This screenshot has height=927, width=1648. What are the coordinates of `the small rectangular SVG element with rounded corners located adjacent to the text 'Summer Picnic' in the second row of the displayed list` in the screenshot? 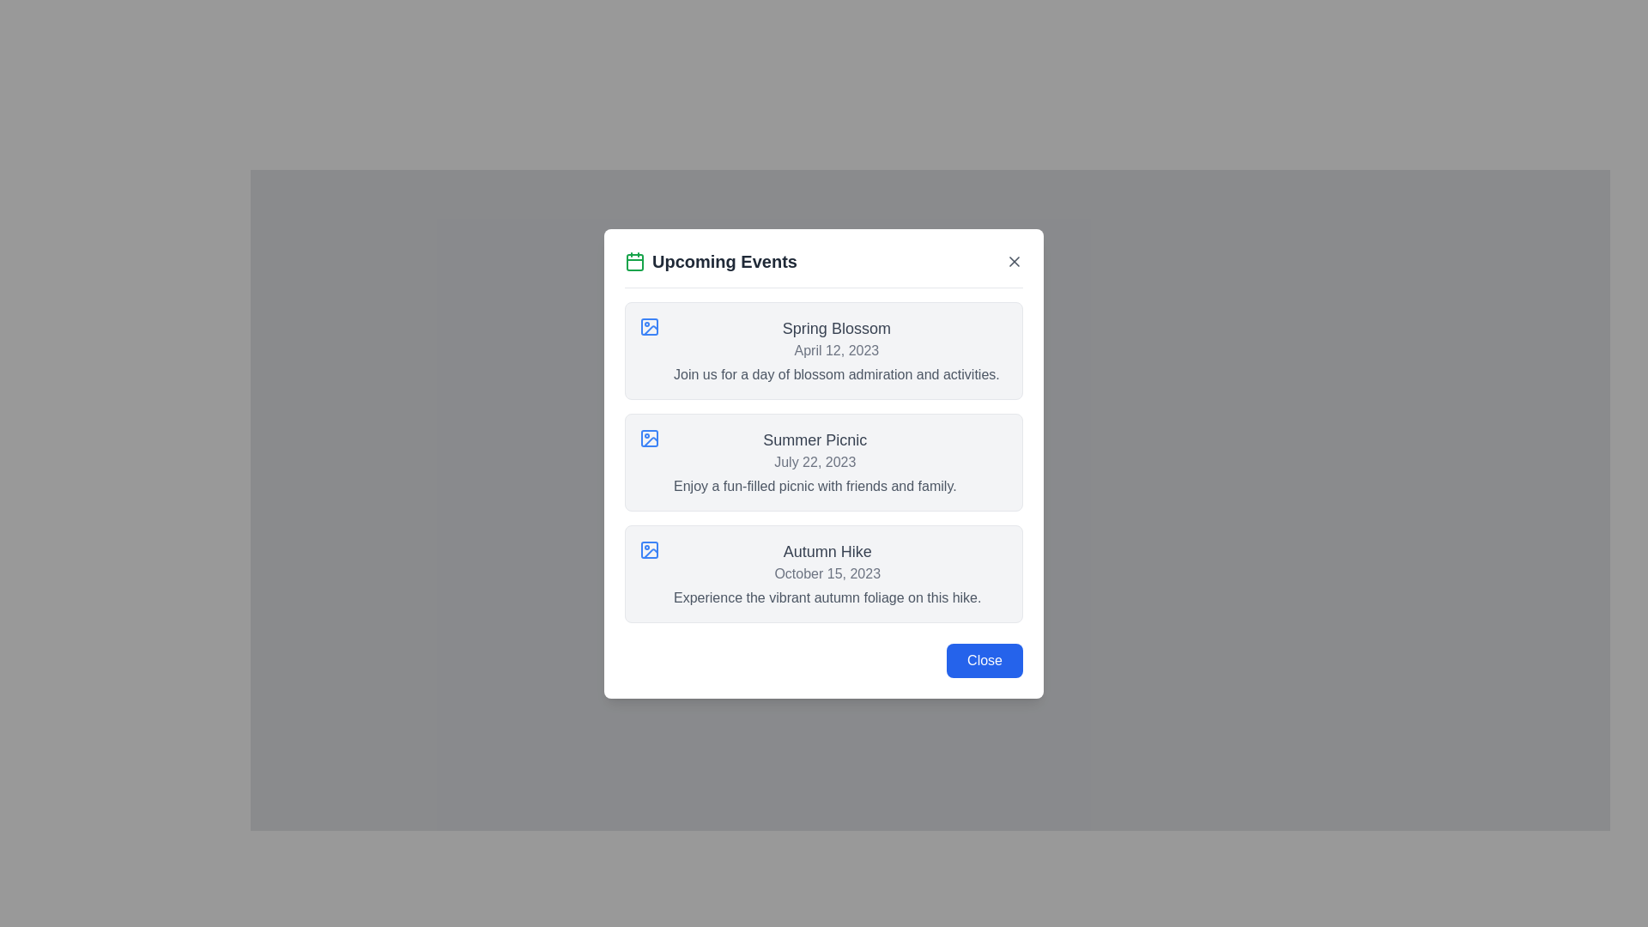 It's located at (649, 437).